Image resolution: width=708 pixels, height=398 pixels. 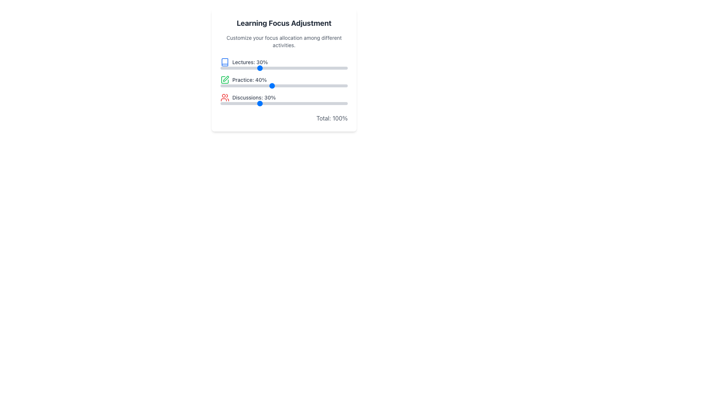 What do you see at coordinates (222, 85) in the screenshot?
I see `the 'Practice' slider` at bounding box center [222, 85].